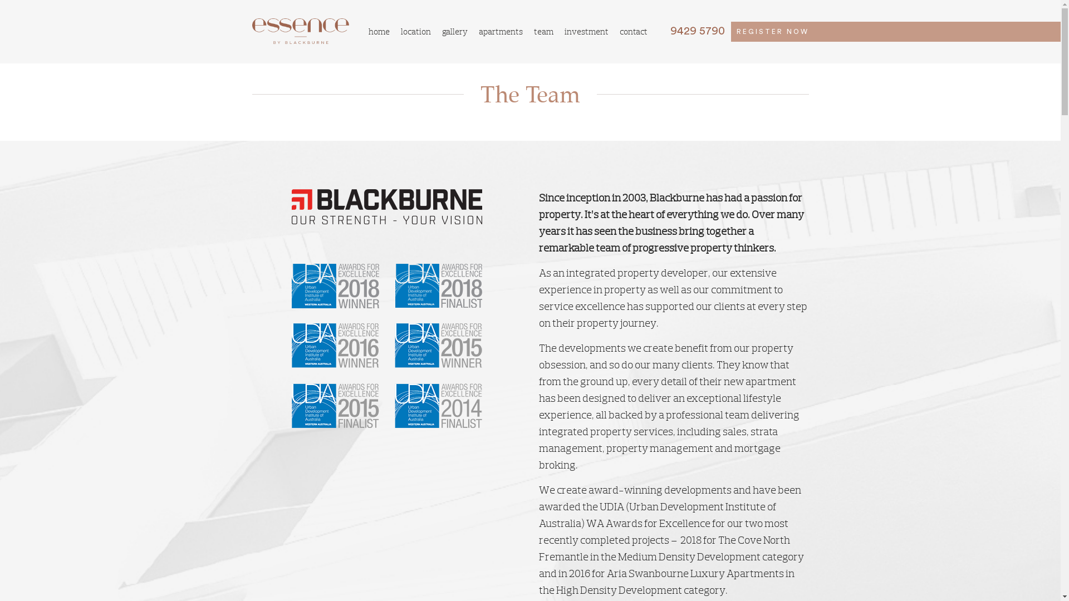 The height and width of the screenshot is (601, 1069). Describe the element at coordinates (415, 31) in the screenshot. I see `'location'` at that location.